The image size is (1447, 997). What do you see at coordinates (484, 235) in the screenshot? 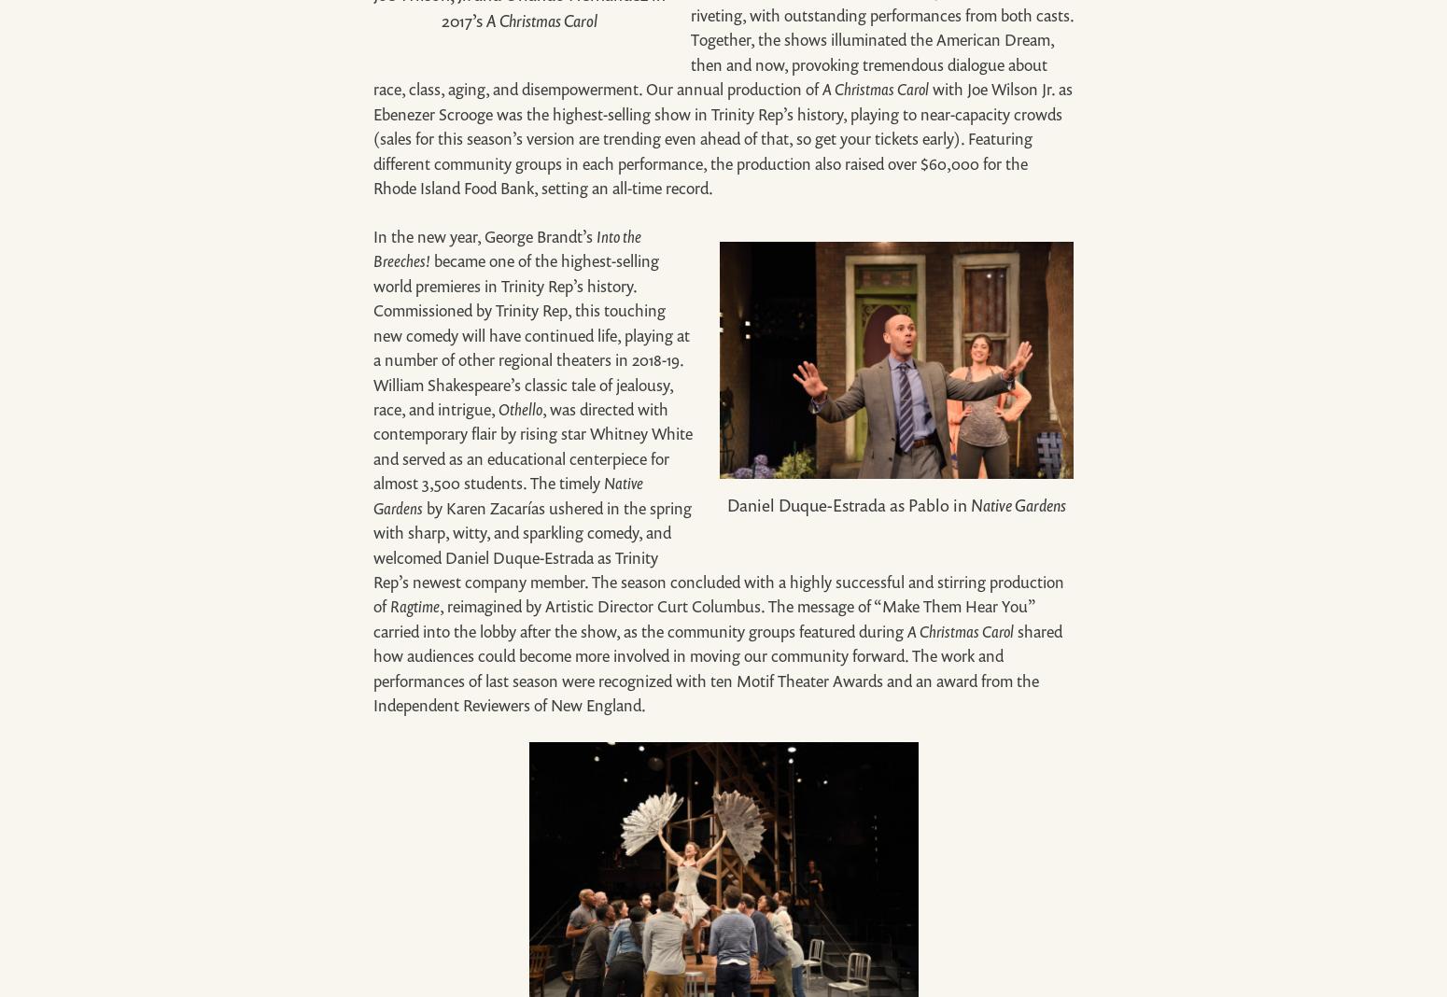
I see `'In the new year, George Brandt’s'` at bounding box center [484, 235].